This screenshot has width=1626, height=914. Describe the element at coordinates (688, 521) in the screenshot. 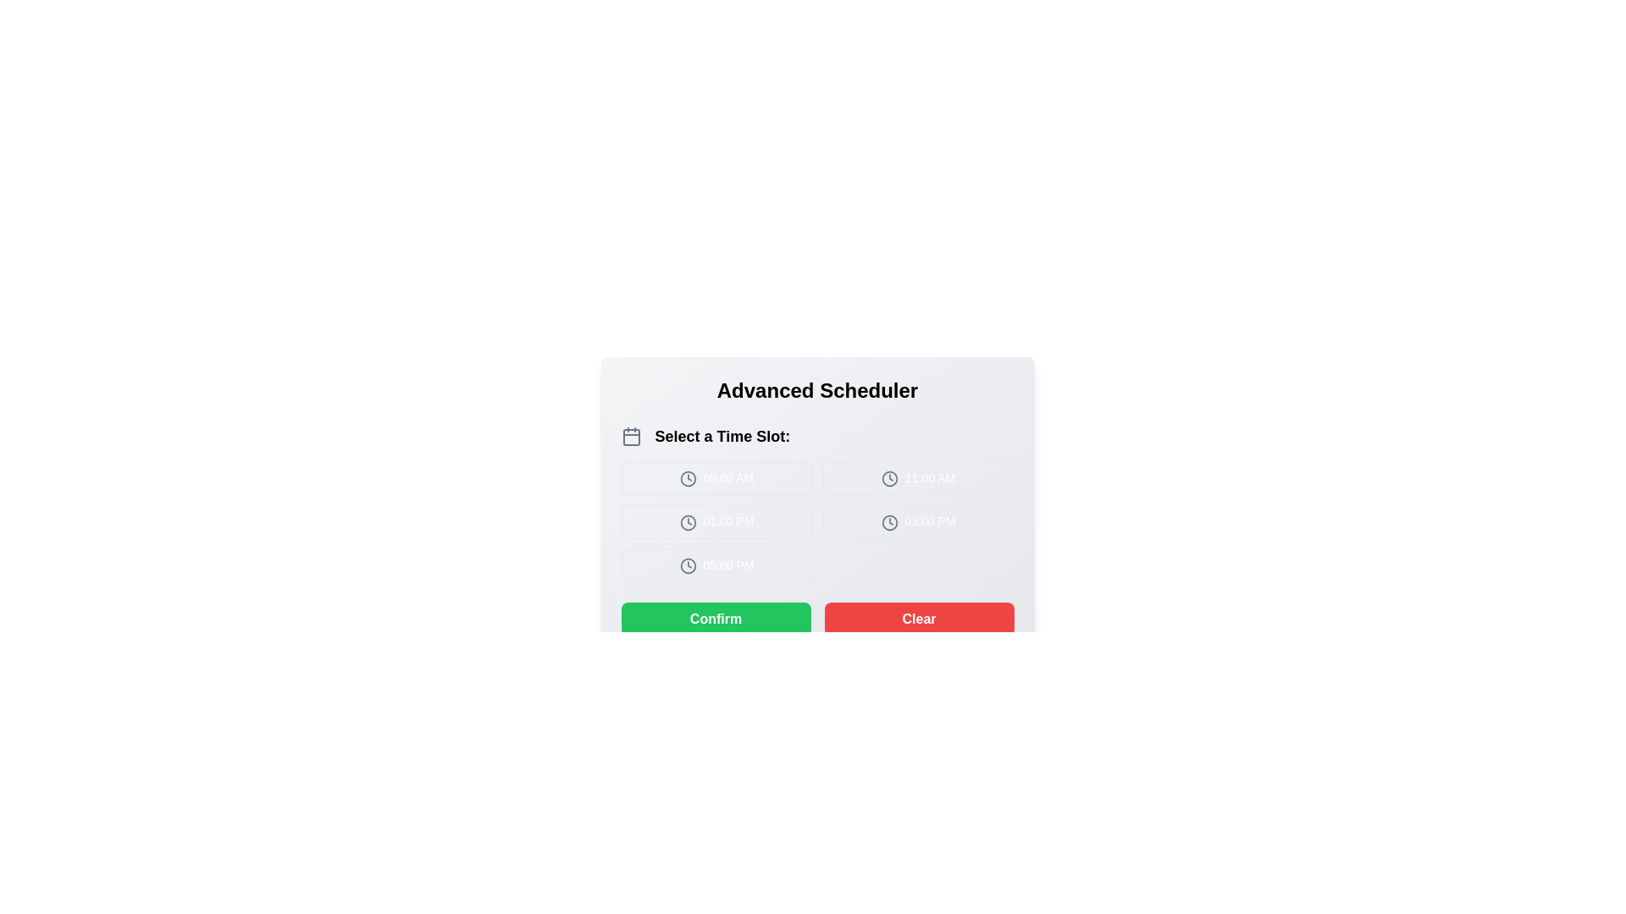

I see `the decorative icon located in the second row of the time slot selection section, to the left of the text '01:00 PM'. This icon enhances the visual representation of the associated time slot` at that location.